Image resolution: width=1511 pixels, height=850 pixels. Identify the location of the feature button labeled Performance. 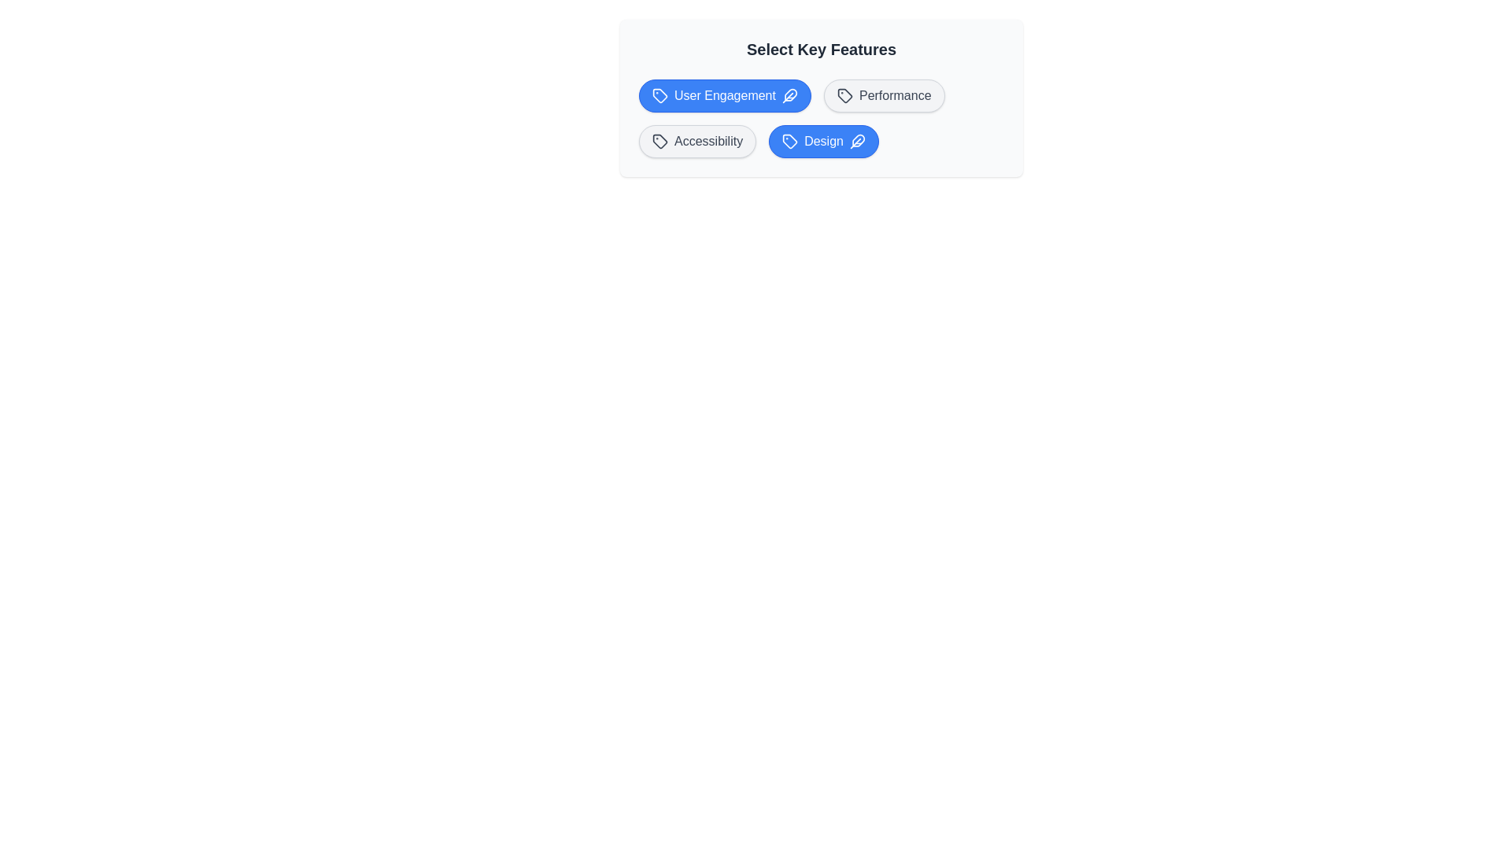
(884, 96).